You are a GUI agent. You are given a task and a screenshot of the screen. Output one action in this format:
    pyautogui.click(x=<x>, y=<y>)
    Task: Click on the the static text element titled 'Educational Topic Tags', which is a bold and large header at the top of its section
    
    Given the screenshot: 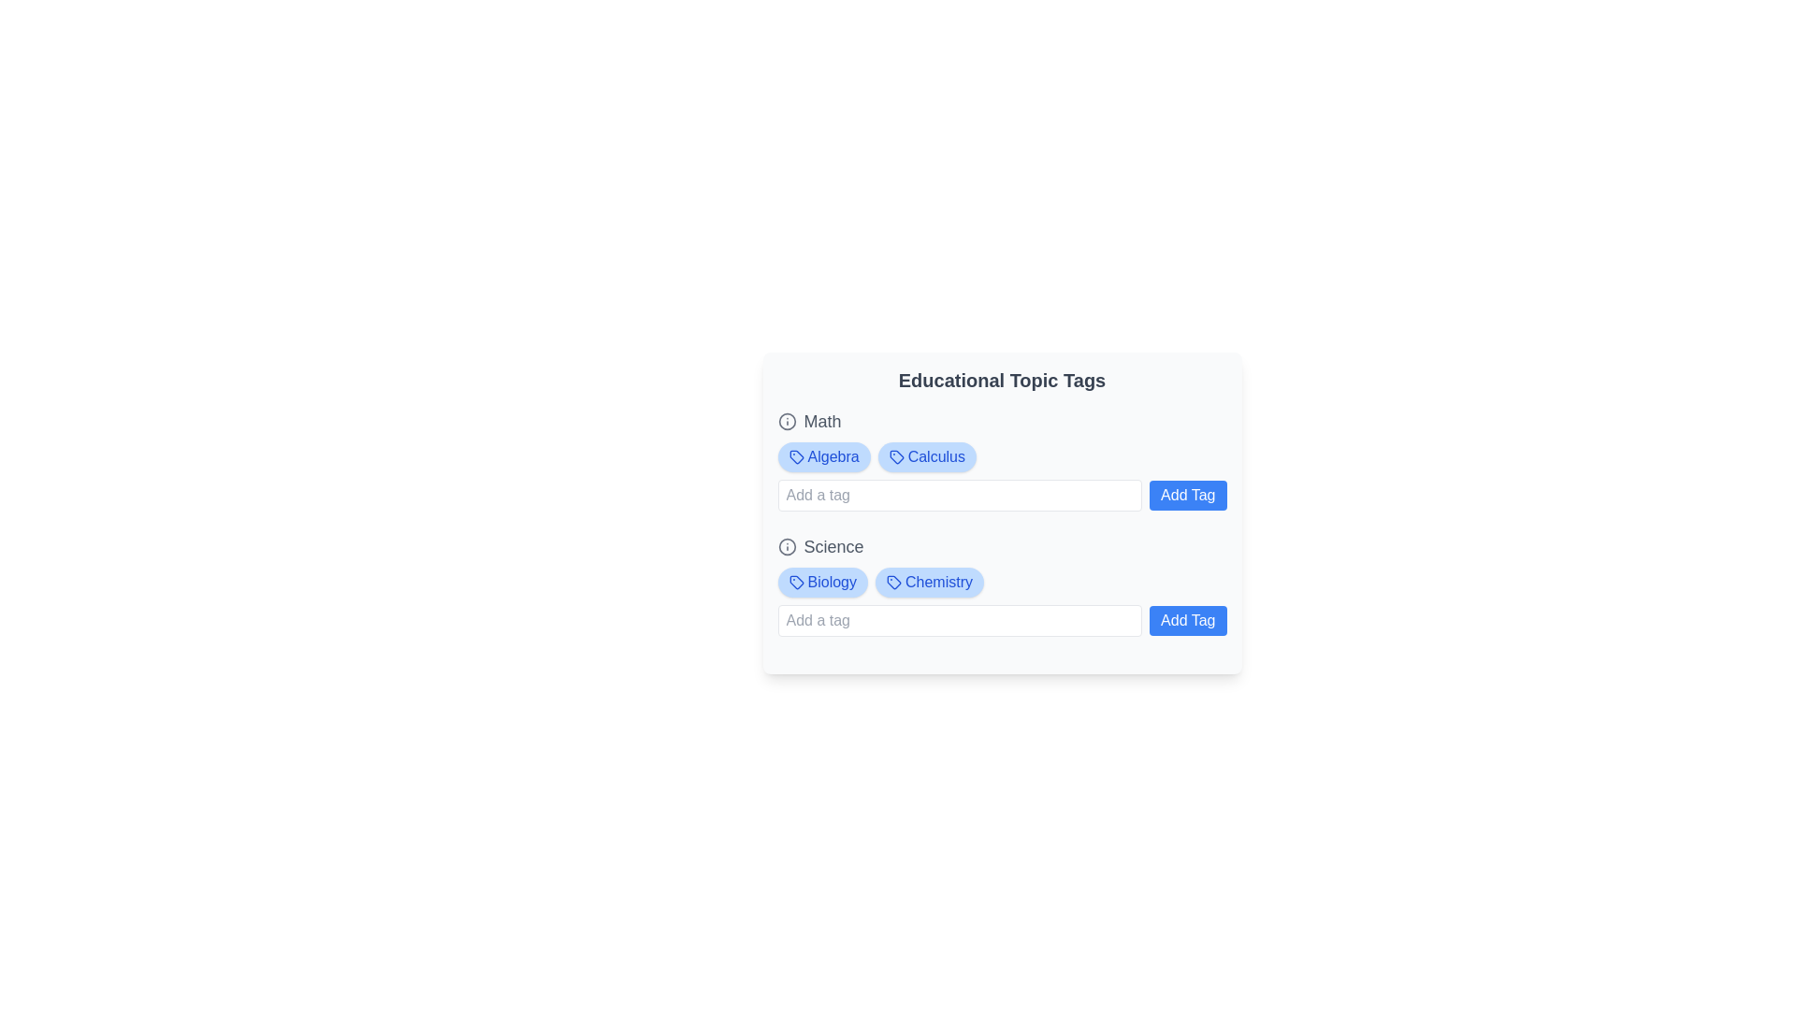 What is the action you would take?
    pyautogui.click(x=1001, y=380)
    